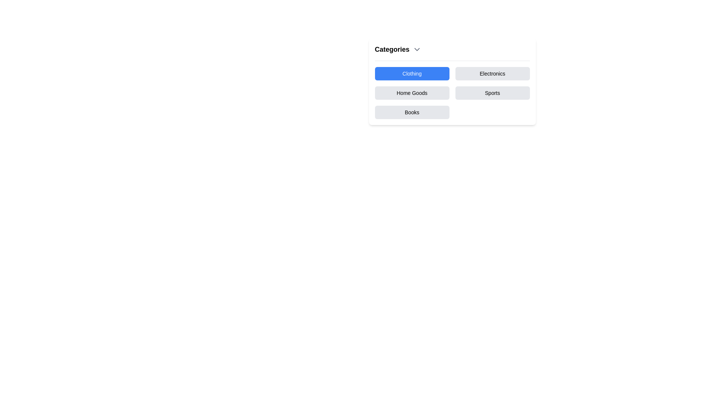 This screenshot has width=715, height=402. What do you see at coordinates (492, 93) in the screenshot?
I see `the 'Sports' button, which is a horizontally rectangular button with a light gray background and black text, located in the second row and second column of a 2x3 grid` at bounding box center [492, 93].